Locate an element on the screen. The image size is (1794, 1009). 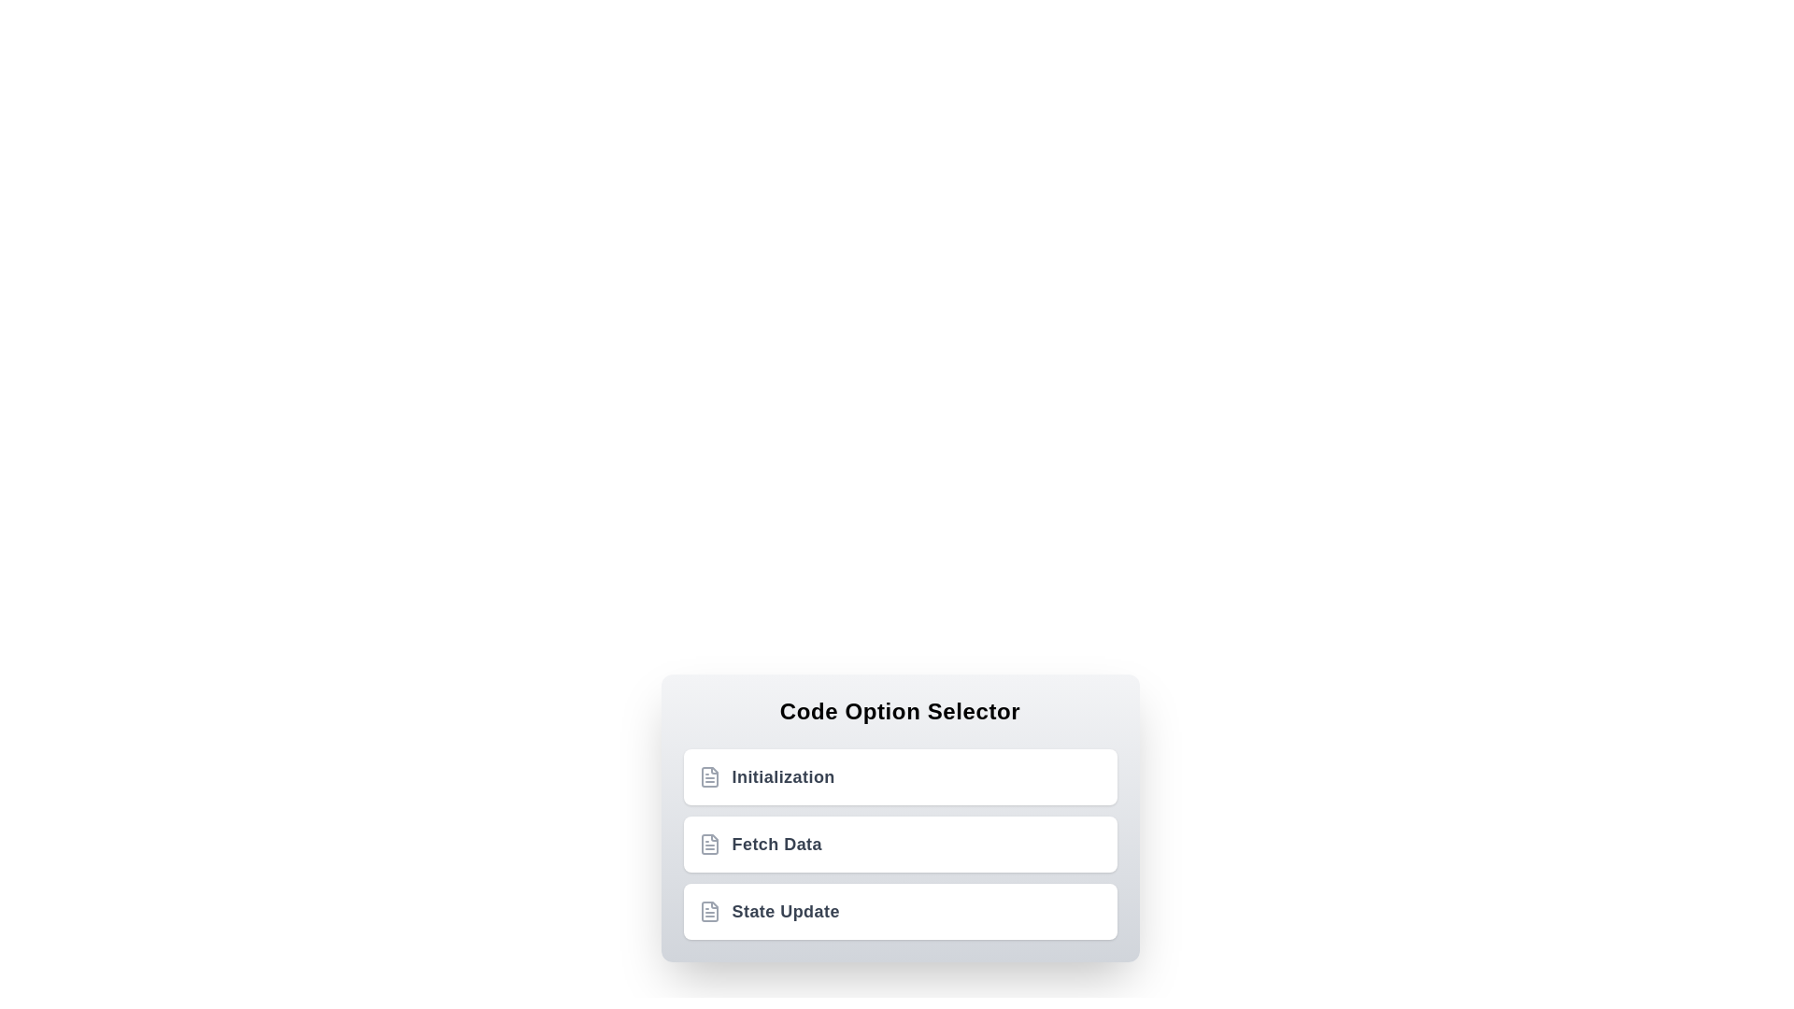
the small gray document icon located to the left of the text 'Initialization' within the first option of the 'Code Option Selector' list is located at coordinates (708, 777).